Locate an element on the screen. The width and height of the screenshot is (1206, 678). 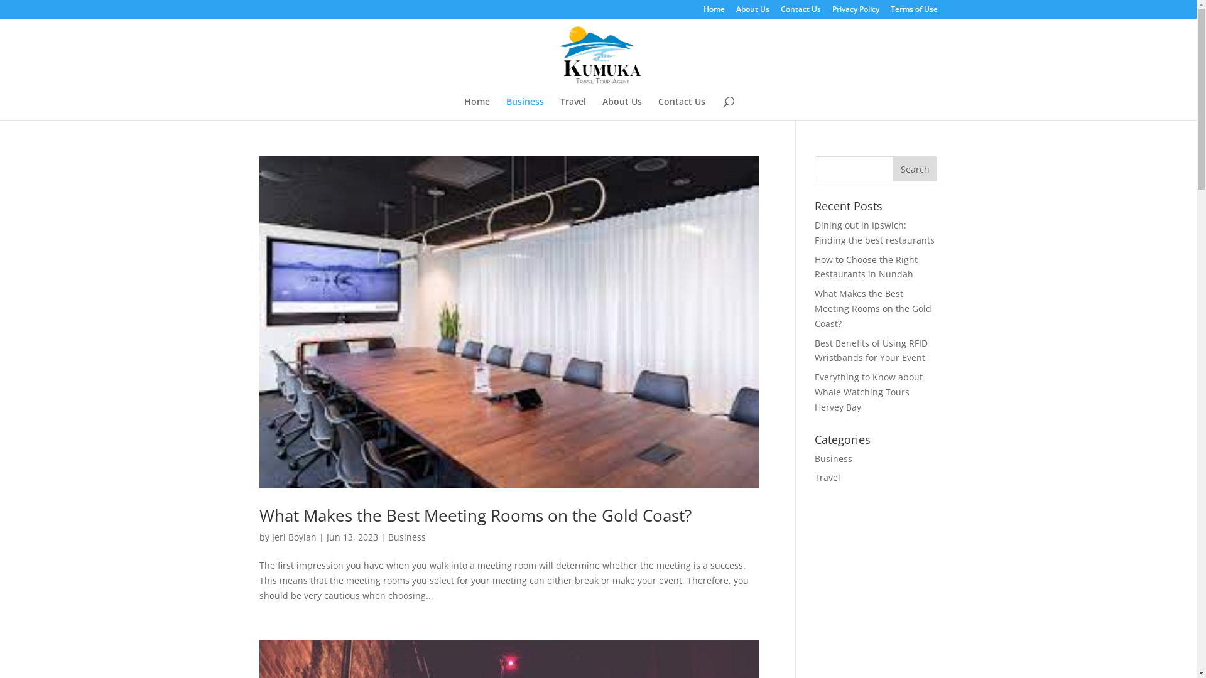
'What Makes the Best Meeting Rooms on the Gold Coast?' is located at coordinates (872, 308).